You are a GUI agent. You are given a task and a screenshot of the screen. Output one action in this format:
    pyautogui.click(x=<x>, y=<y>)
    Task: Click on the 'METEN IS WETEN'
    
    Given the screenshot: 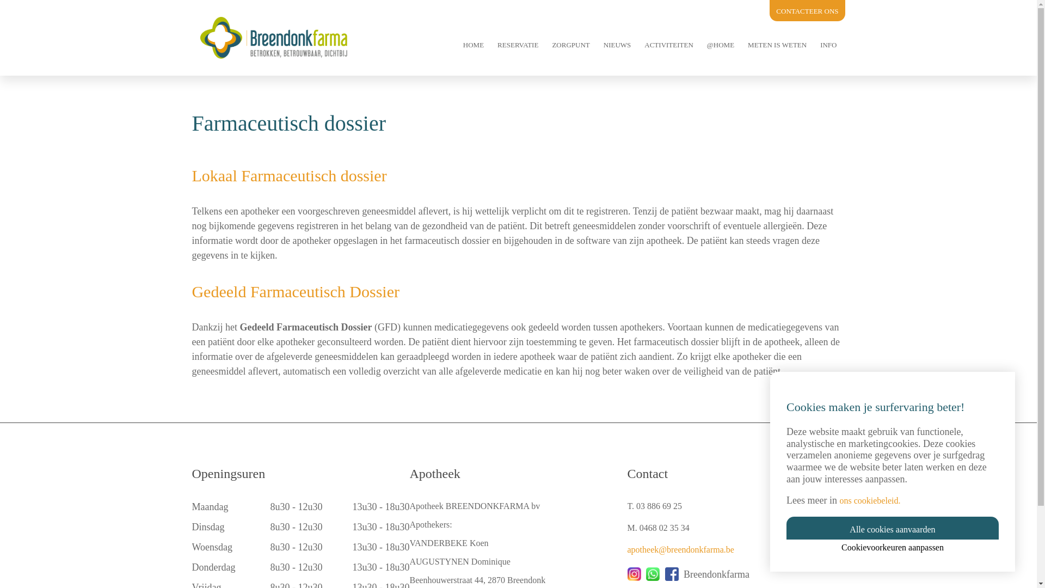 What is the action you would take?
    pyautogui.click(x=776, y=44)
    